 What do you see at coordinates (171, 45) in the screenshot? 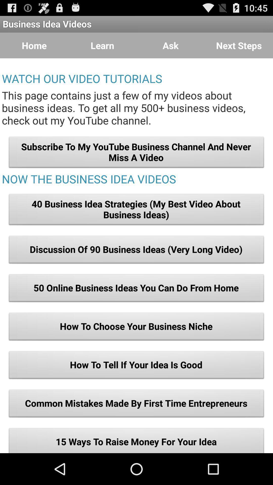
I see `ask` at bounding box center [171, 45].